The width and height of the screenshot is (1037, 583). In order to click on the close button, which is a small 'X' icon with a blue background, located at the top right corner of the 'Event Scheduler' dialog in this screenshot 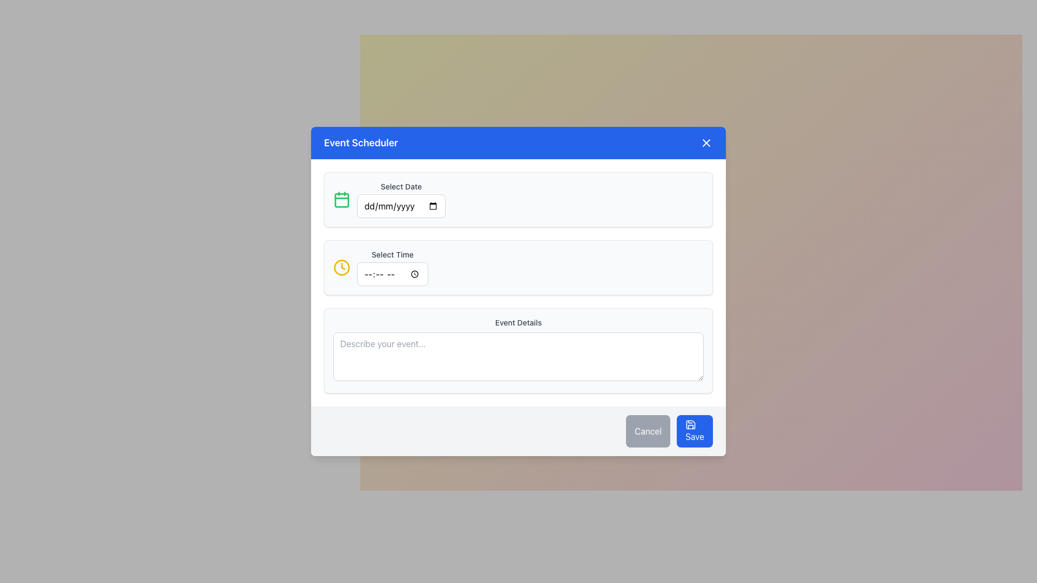, I will do `click(706, 143)`.